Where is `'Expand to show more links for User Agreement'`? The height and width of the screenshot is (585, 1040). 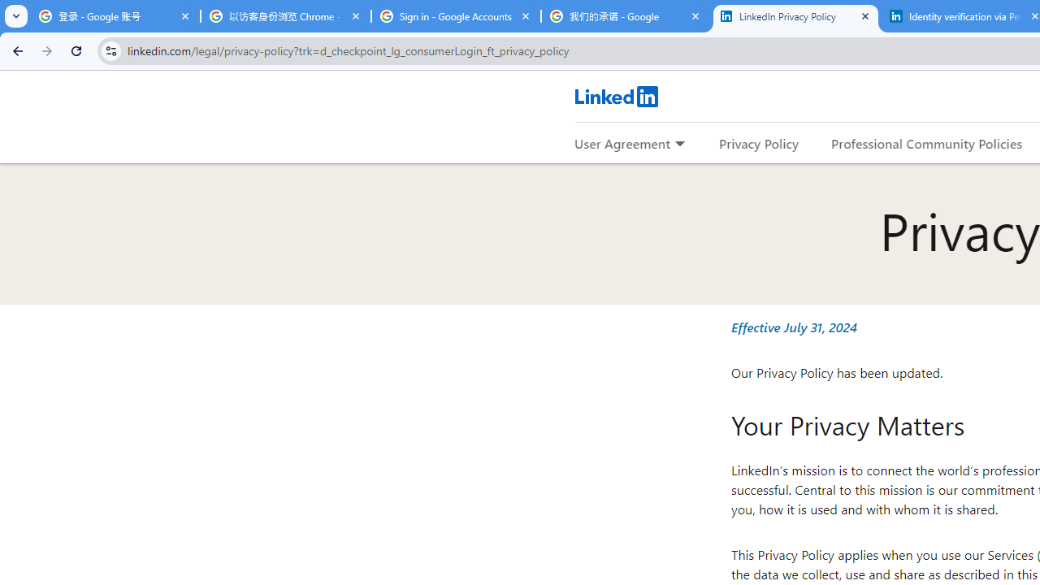 'Expand to show more links for User Agreement' is located at coordinates (679, 144).